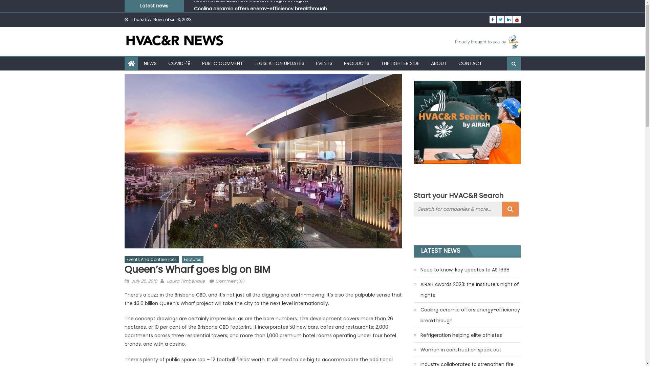 The image size is (650, 366). What do you see at coordinates (230, 281) in the screenshot?
I see `'Comment(0)'` at bounding box center [230, 281].